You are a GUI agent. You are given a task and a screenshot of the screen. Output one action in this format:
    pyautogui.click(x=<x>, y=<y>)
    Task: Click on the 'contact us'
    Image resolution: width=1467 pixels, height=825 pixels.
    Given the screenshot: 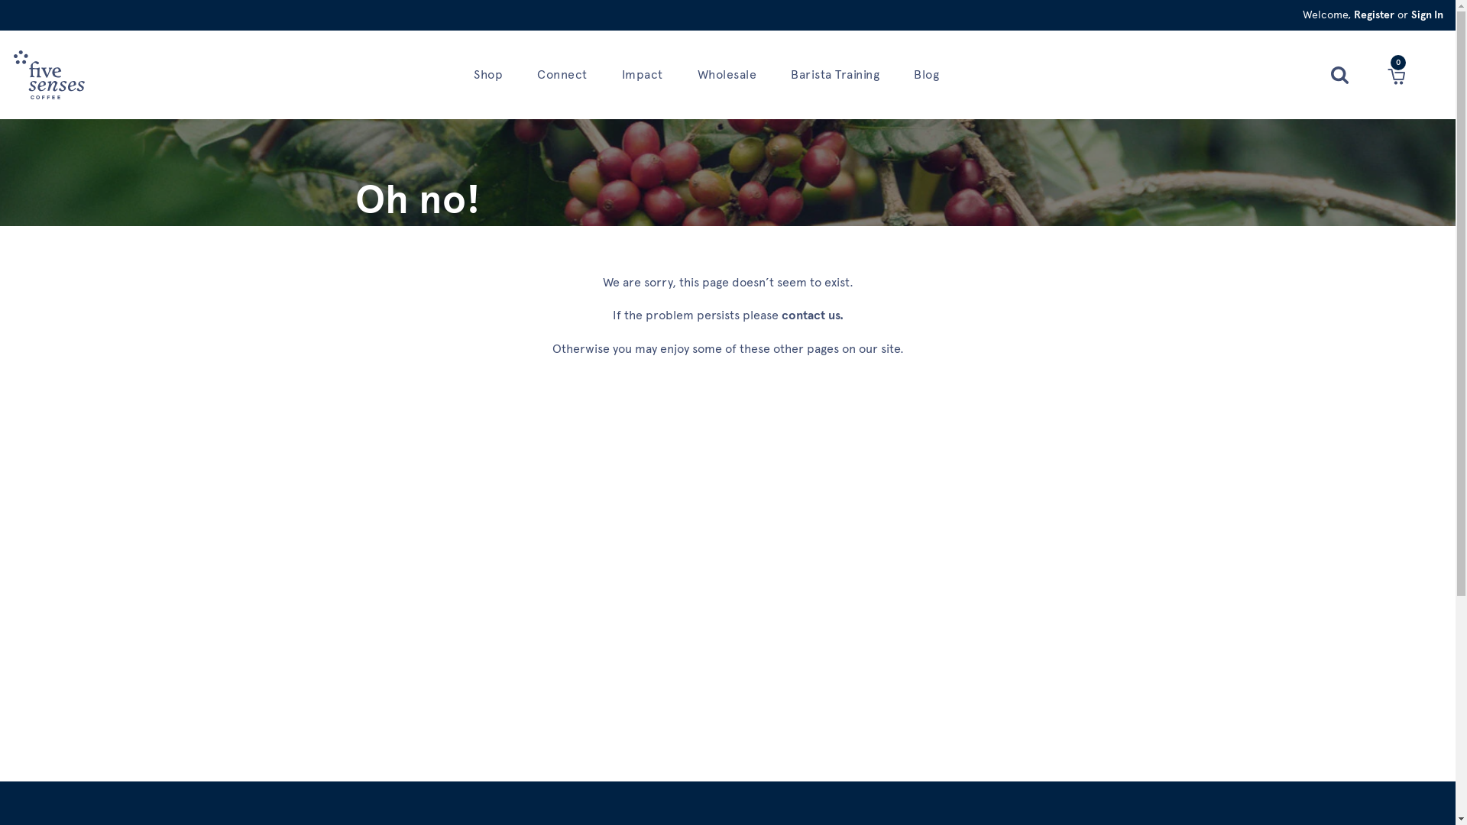 What is the action you would take?
    pyautogui.click(x=809, y=314)
    